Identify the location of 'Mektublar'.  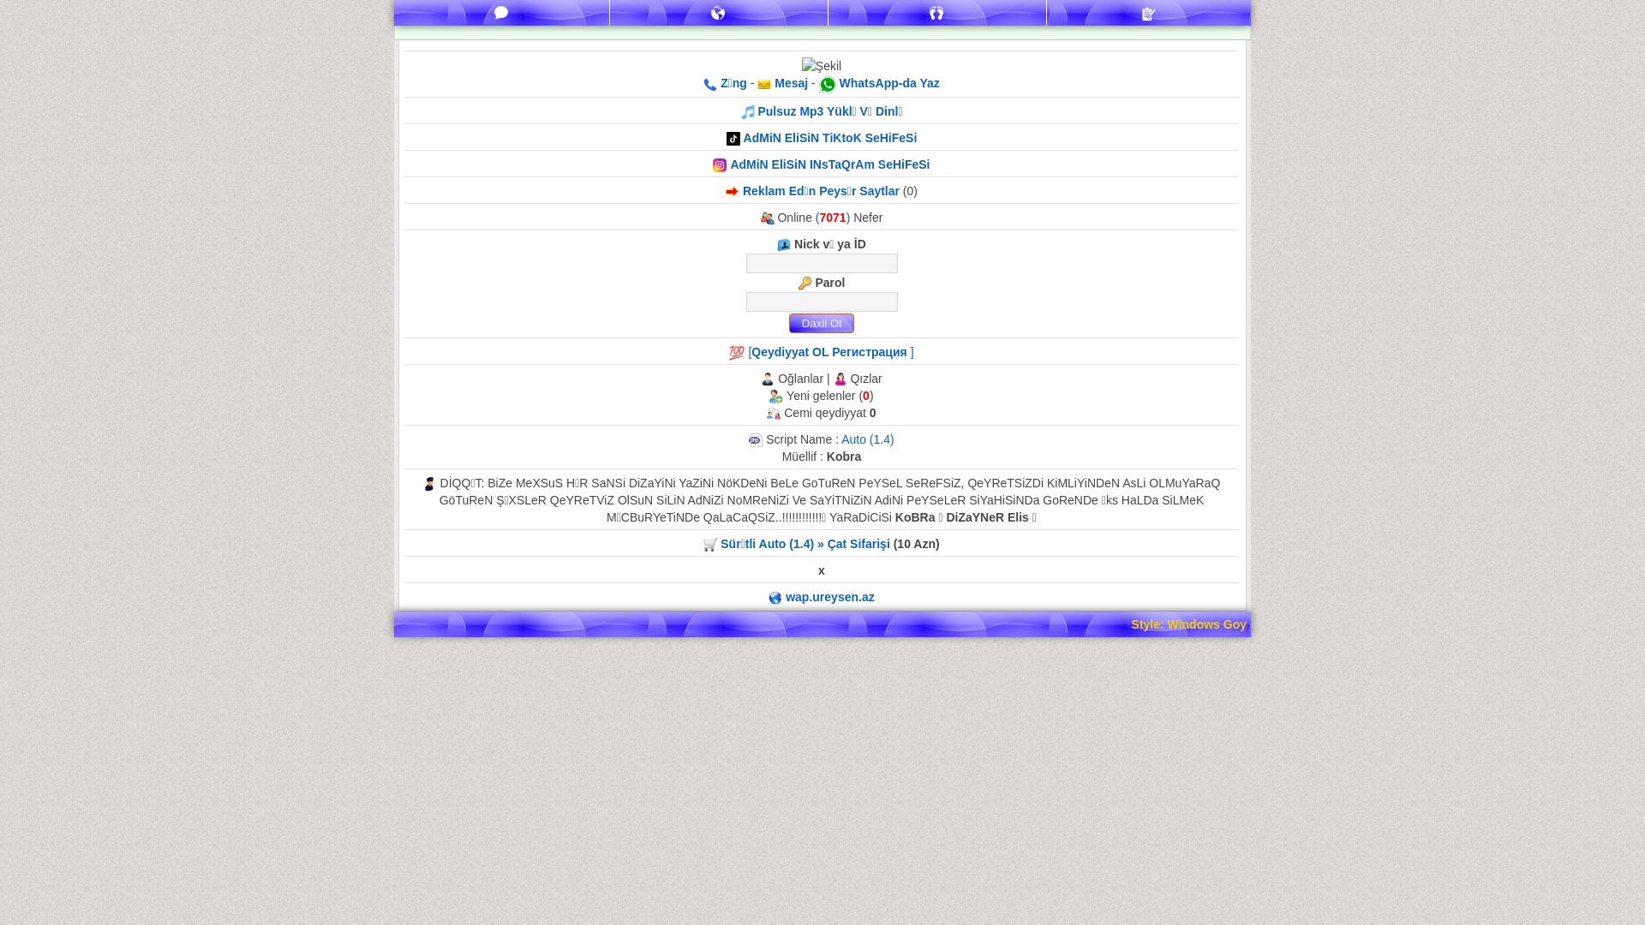
(719, 13).